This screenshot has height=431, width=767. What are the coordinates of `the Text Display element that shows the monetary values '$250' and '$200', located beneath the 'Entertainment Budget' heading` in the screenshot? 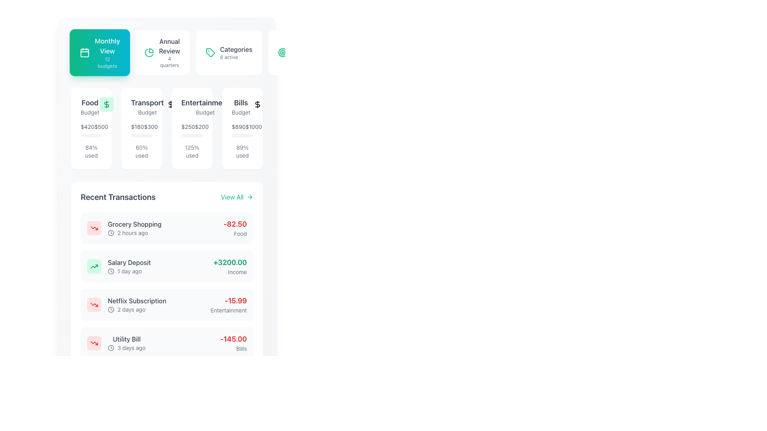 It's located at (192, 126).